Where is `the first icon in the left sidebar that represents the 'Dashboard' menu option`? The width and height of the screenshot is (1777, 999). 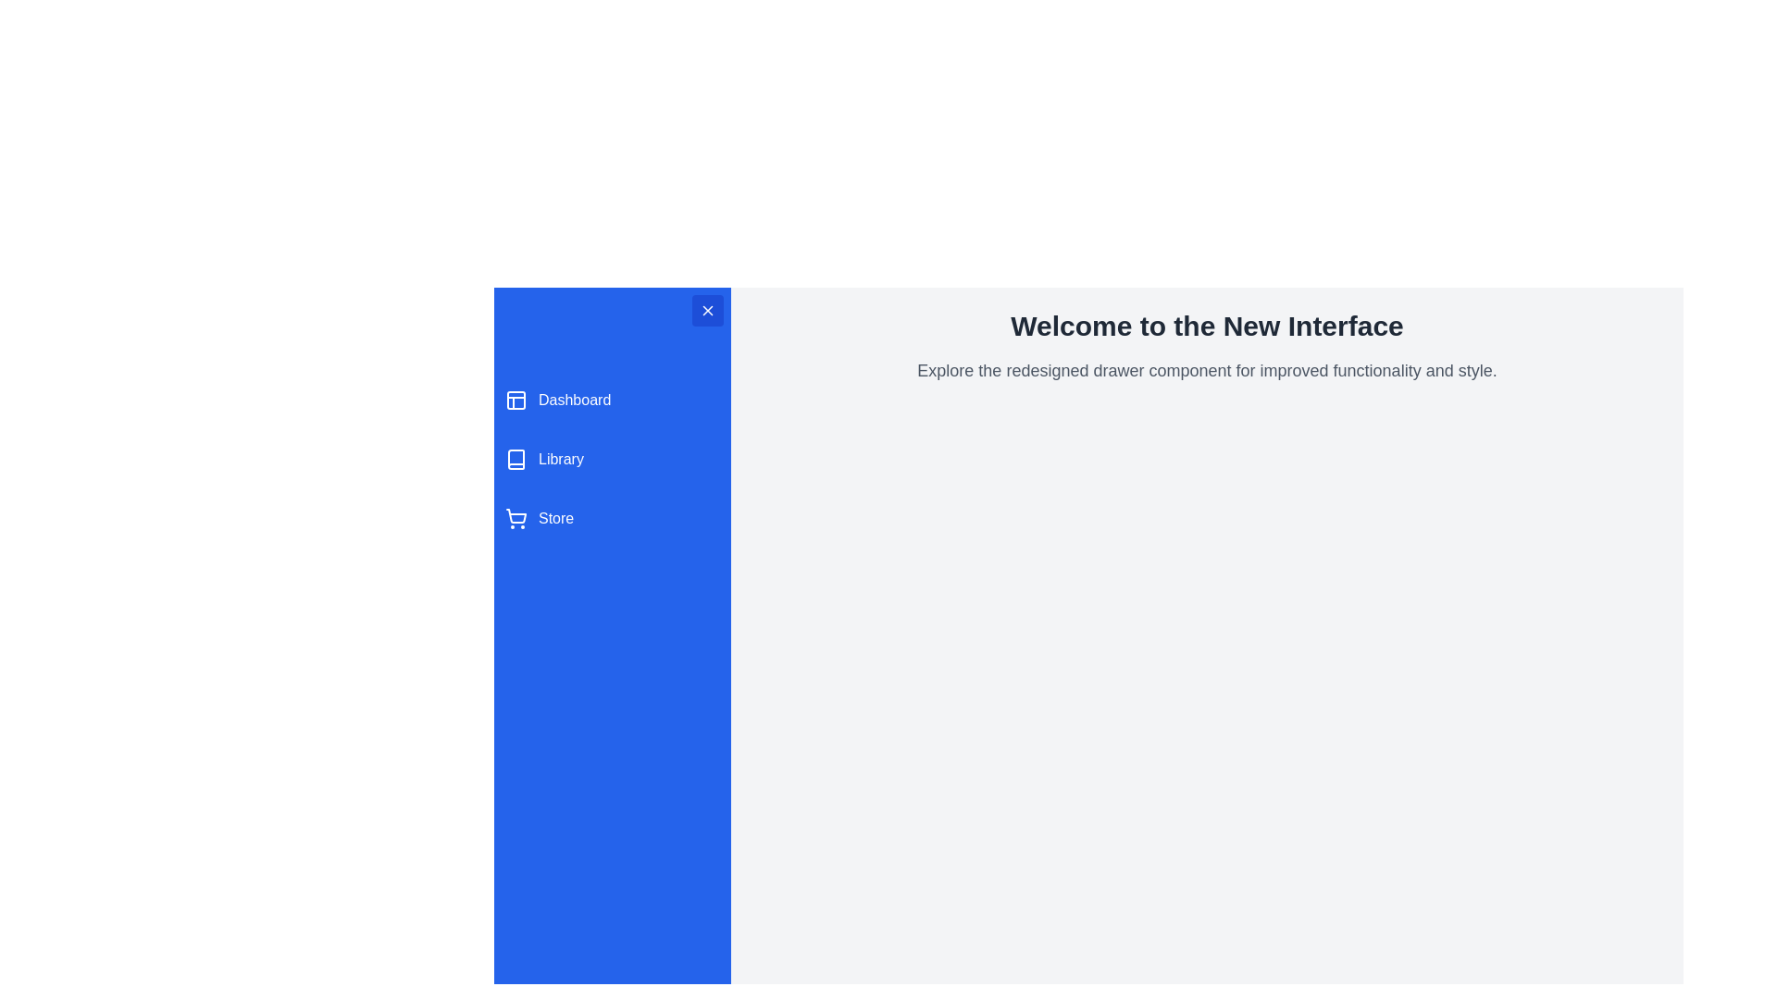
the first icon in the left sidebar that represents the 'Dashboard' menu option is located at coordinates (516, 399).